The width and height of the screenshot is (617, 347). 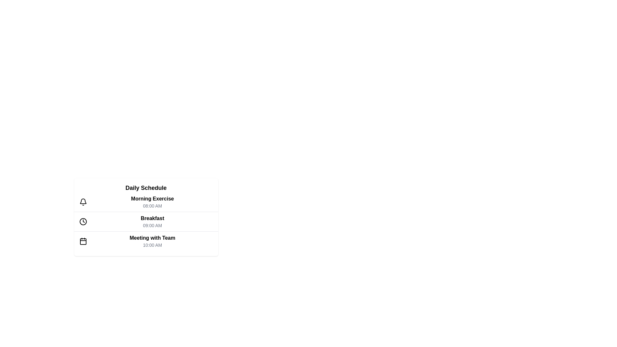 I want to click on the text label displaying 'Morning Exercise' in bold characters, aligned in the first row of the scheduled task list below 'Daily Schedule', so click(x=152, y=198).